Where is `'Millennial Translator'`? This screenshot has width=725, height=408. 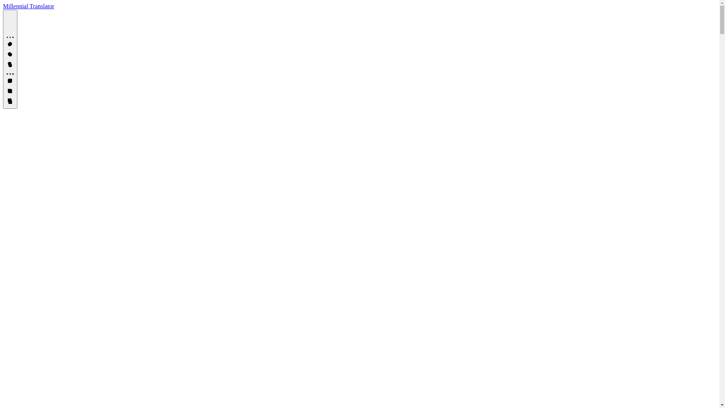 'Millennial Translator' is located at coordinates (29, 6).